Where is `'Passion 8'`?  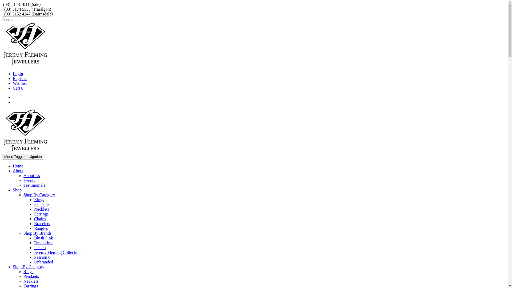 'Passion 8' is located at coordinates (42, 257).